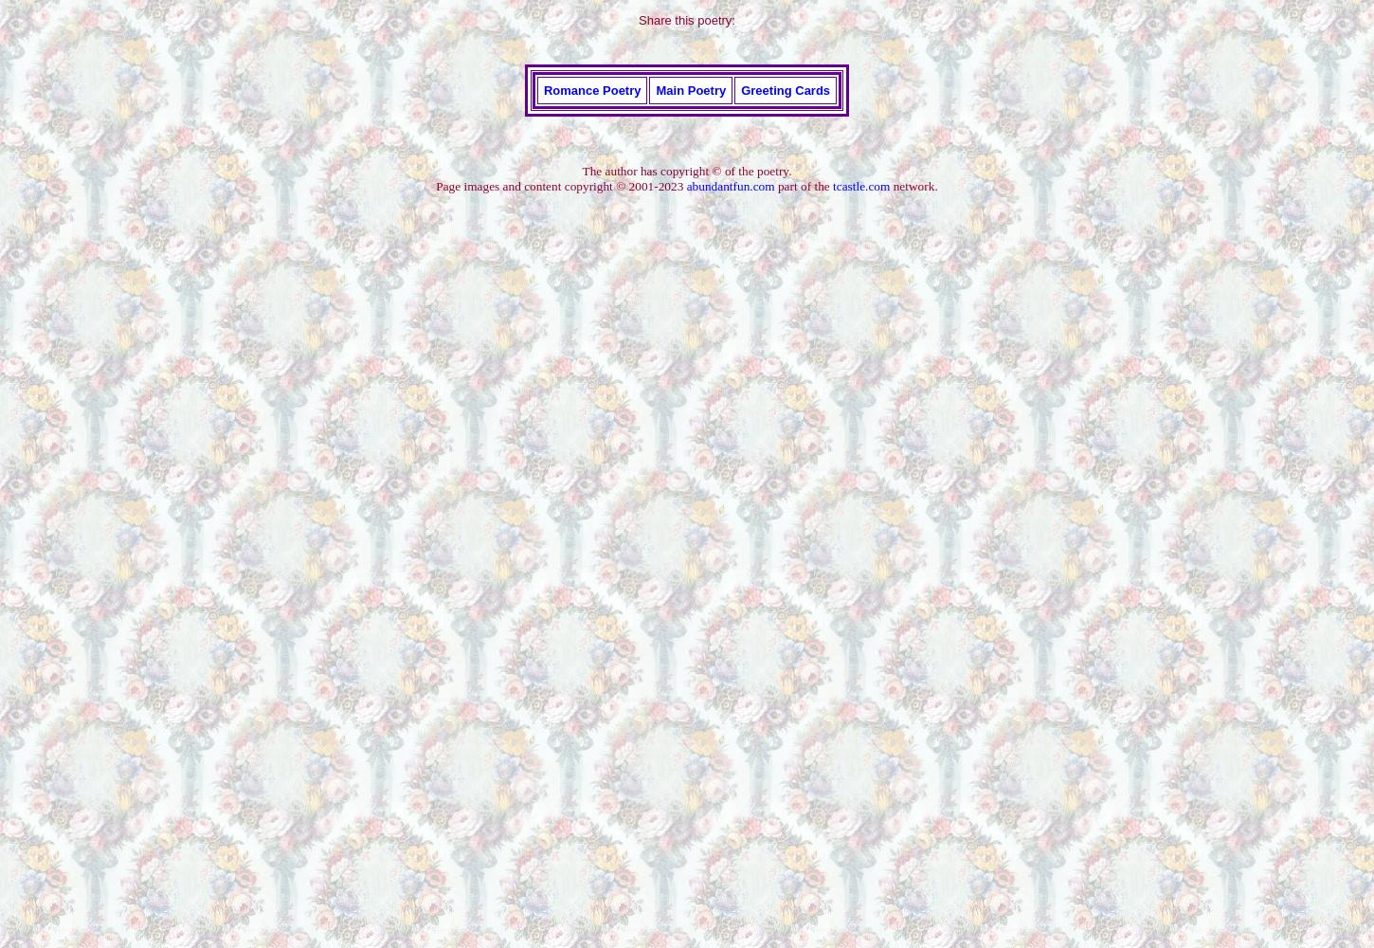 The height and width of the screenshot is (948, 1374). Describe the element at coordinates (685, 170) in the screenshot. I see `'The author has copyright © of the poetry.'` at that location.